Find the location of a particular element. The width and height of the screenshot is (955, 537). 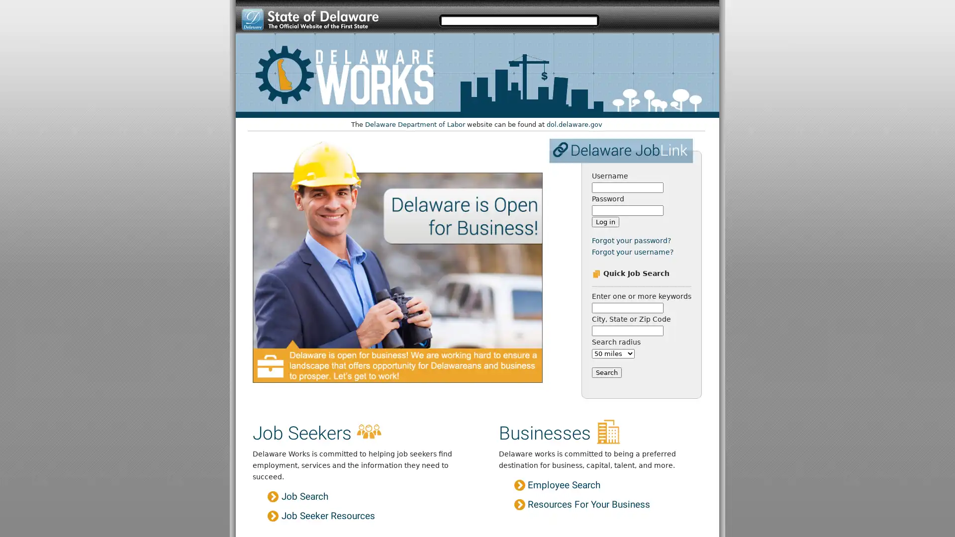

Search is located at coordinates (606, 372).